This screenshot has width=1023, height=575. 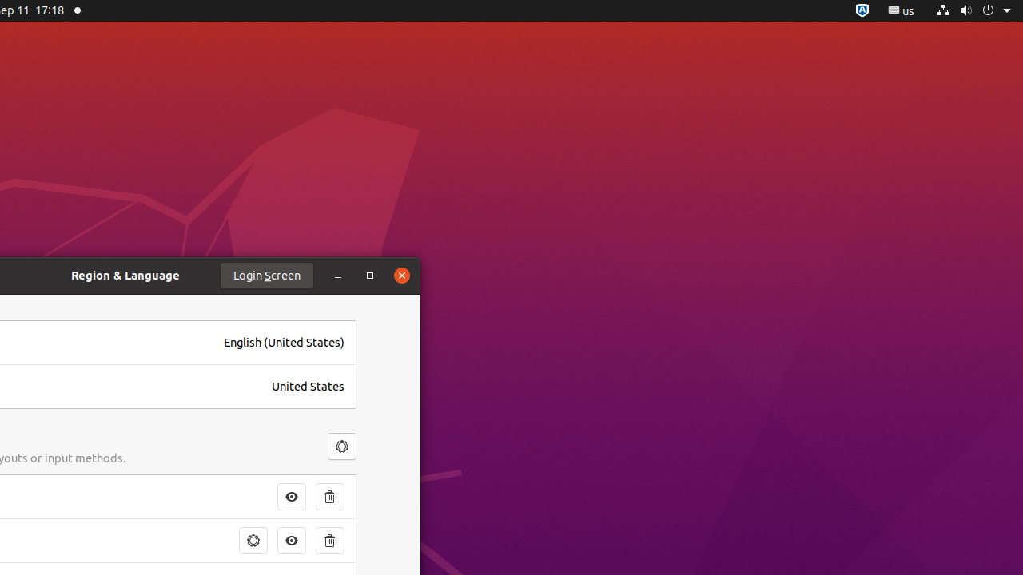 What do you see at coordinates (973, 10) in the screenshot?
I see `'System'` at bounding box center [973, 10].